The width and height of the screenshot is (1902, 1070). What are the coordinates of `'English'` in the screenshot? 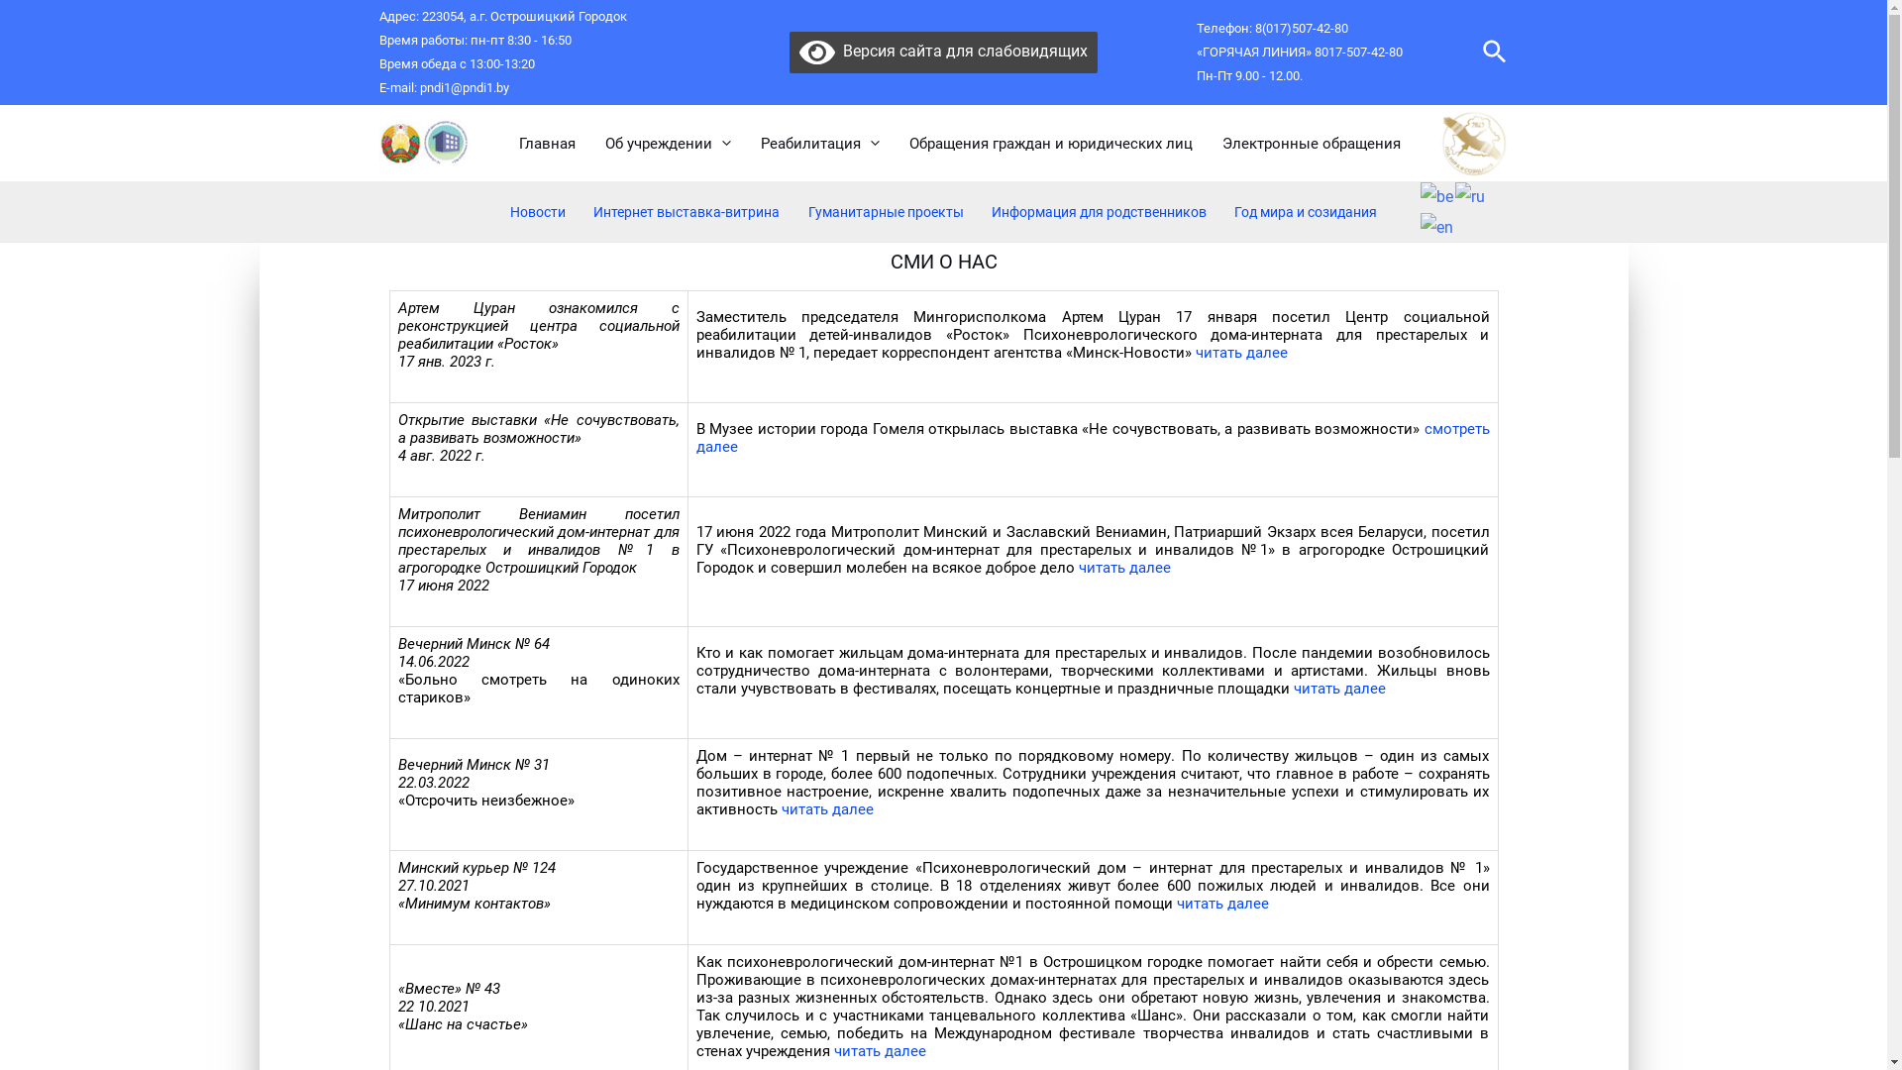 It's located at (1437, 225).